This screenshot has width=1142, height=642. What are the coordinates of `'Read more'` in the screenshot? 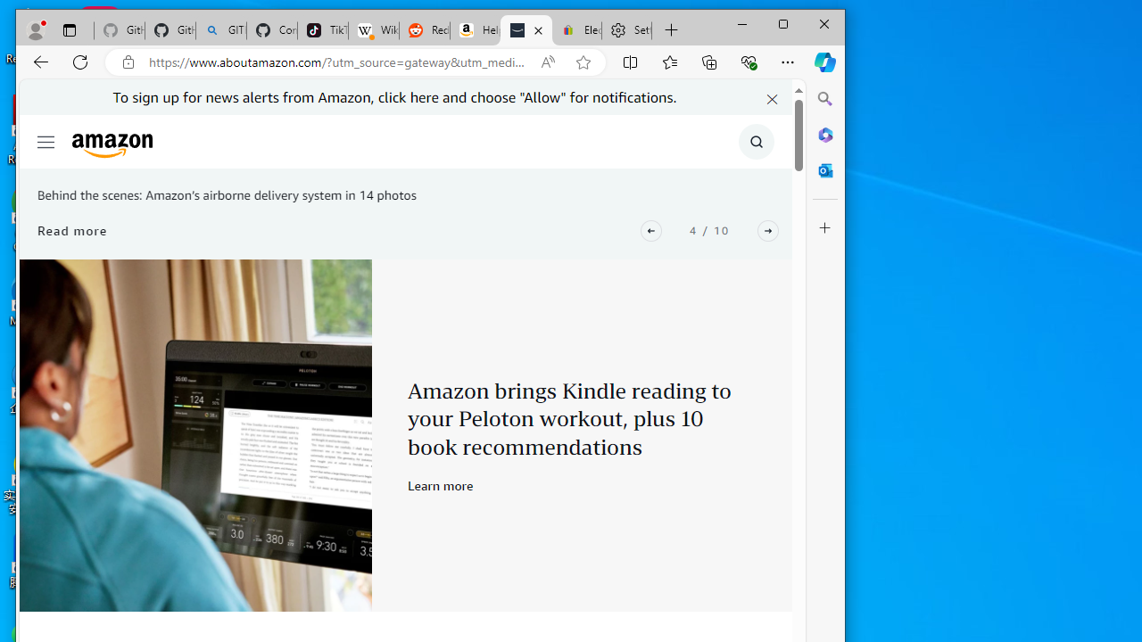 It's located at (71, 229).